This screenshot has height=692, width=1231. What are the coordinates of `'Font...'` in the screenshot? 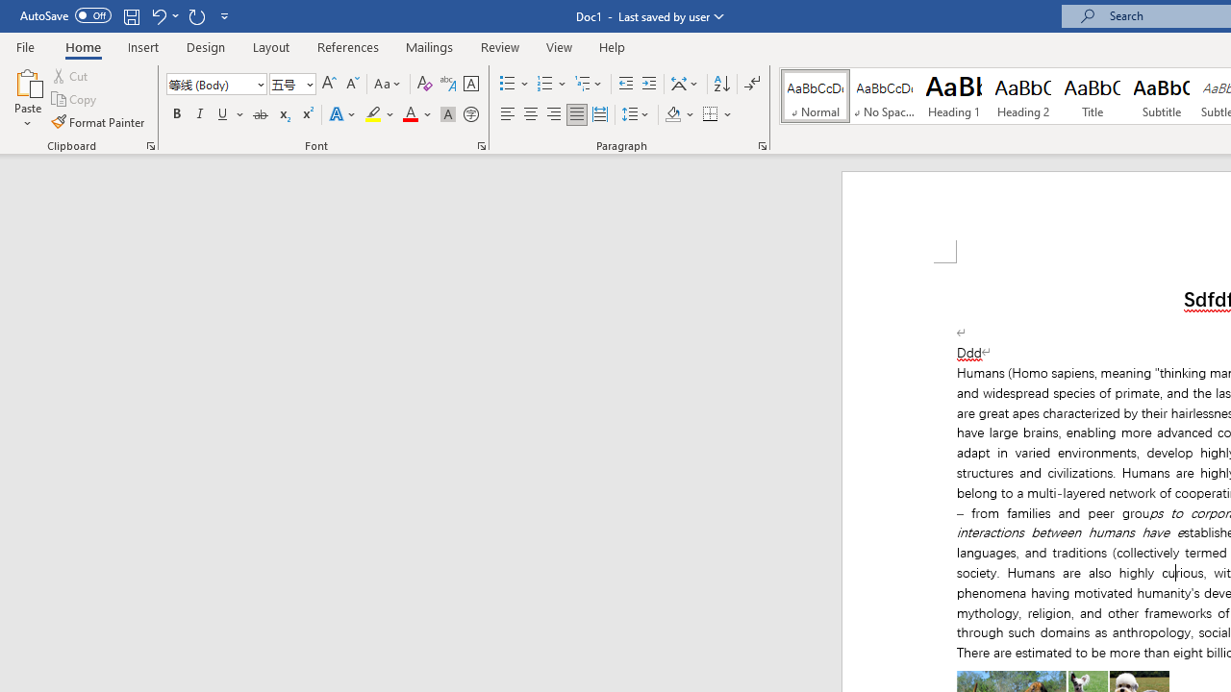 It's located at (482, 144).